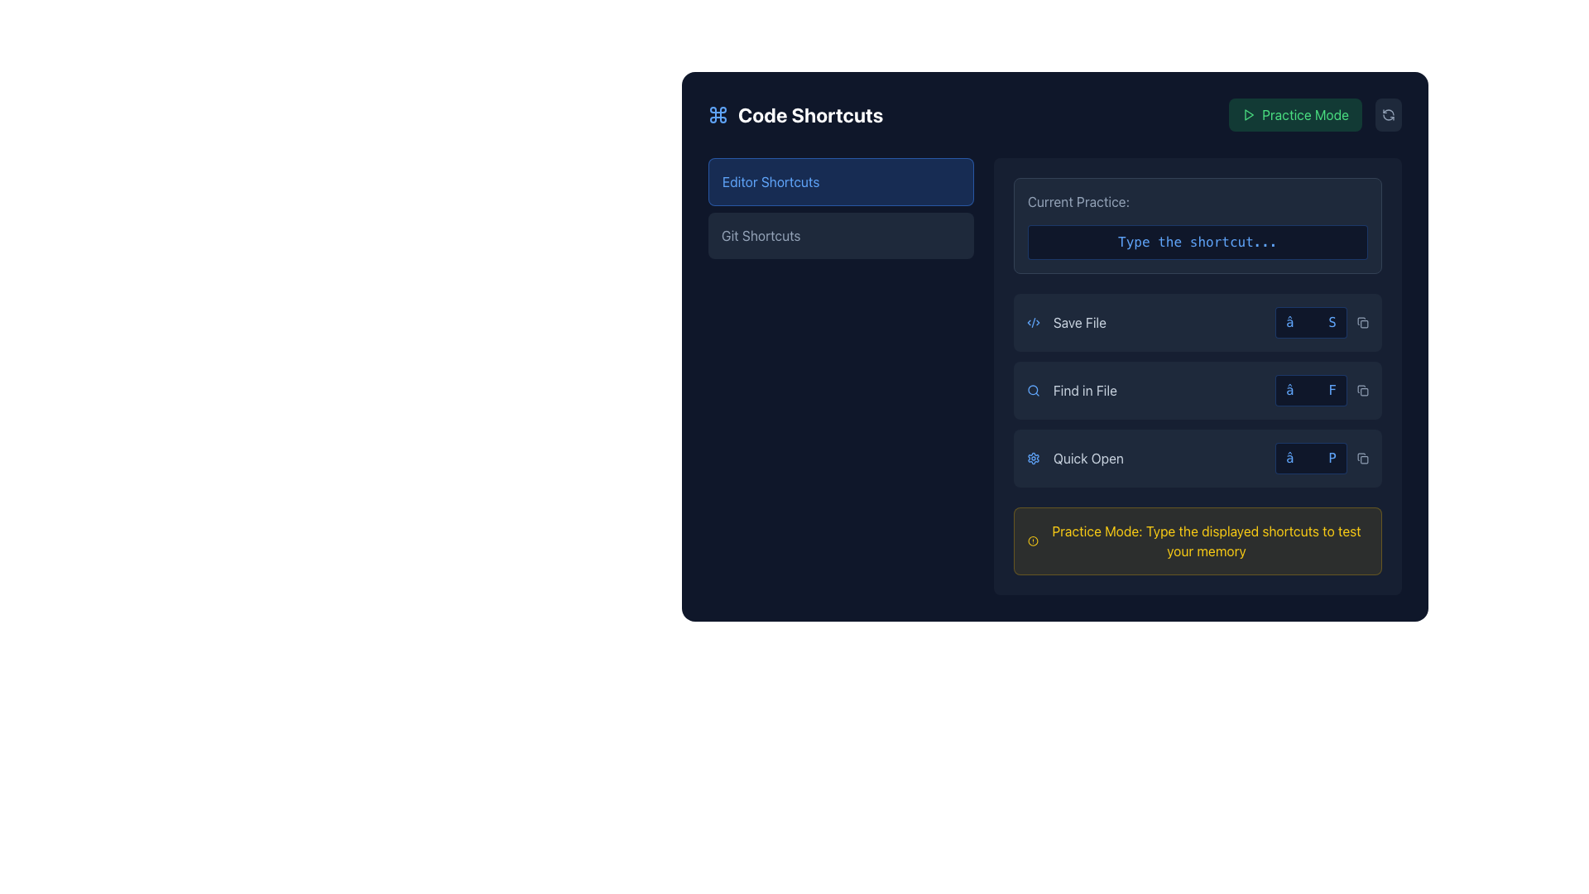 The height and width of the screenshot is (894, 1589). I want to click on the available options in the Interactive Section, which features instructional text and action buttons on the right side of the layout, so click(1054, 377).